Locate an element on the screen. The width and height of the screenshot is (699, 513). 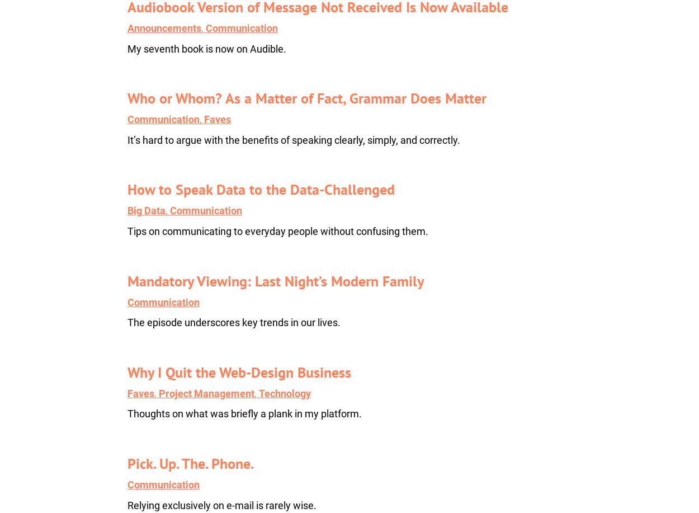
'Big Data' is located at coordinates (146, 210).